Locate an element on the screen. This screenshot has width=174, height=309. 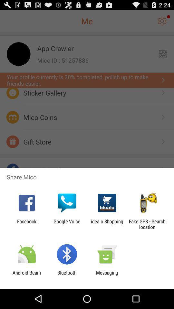
the android beam item is located at coordinates (26, 275).